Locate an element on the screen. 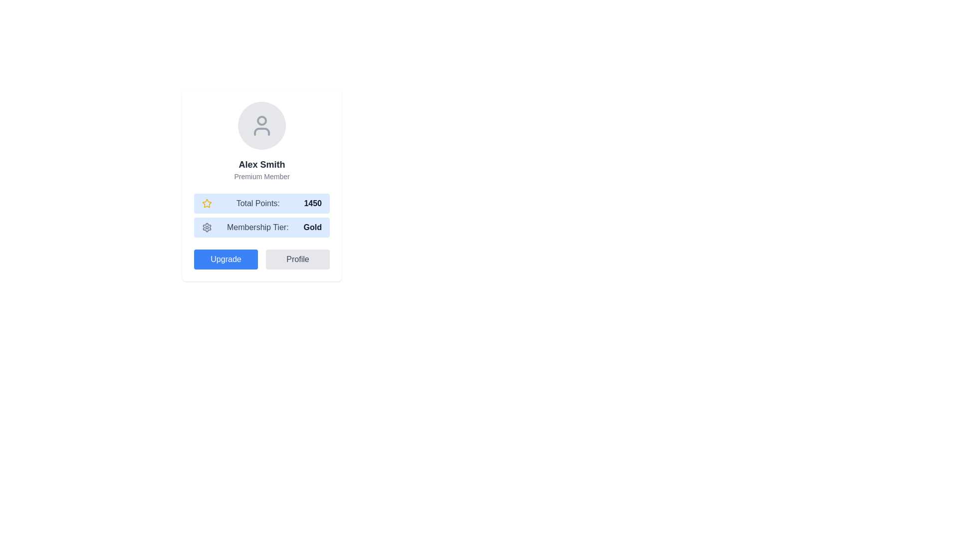 The height and width of the screenshot is (539, 958). text label indicating the total points value, which is positioned between a yellow star icon and the text '1450' is located at coordinates (258, 203).